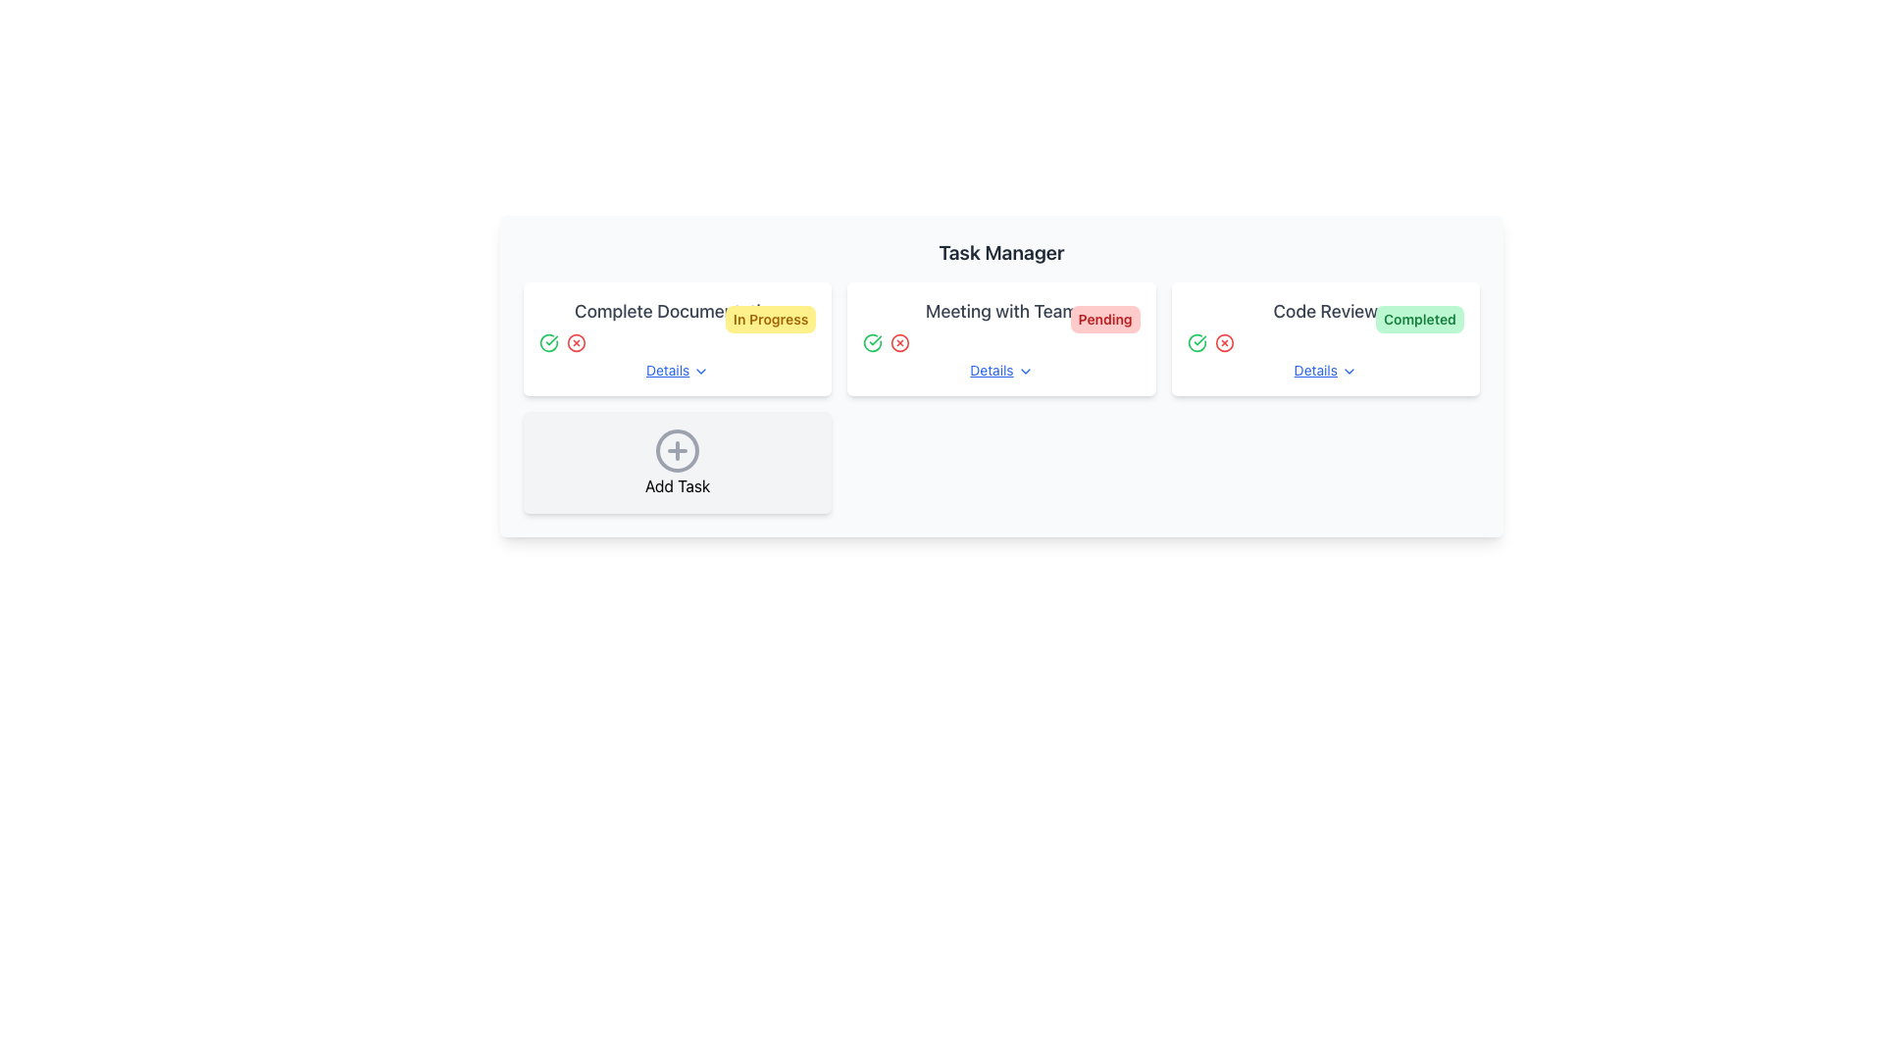  I want to click on the negative action button located within the 'Complete Document' task card, positioned to the right of the green checkmark icon, so click(576, 342).